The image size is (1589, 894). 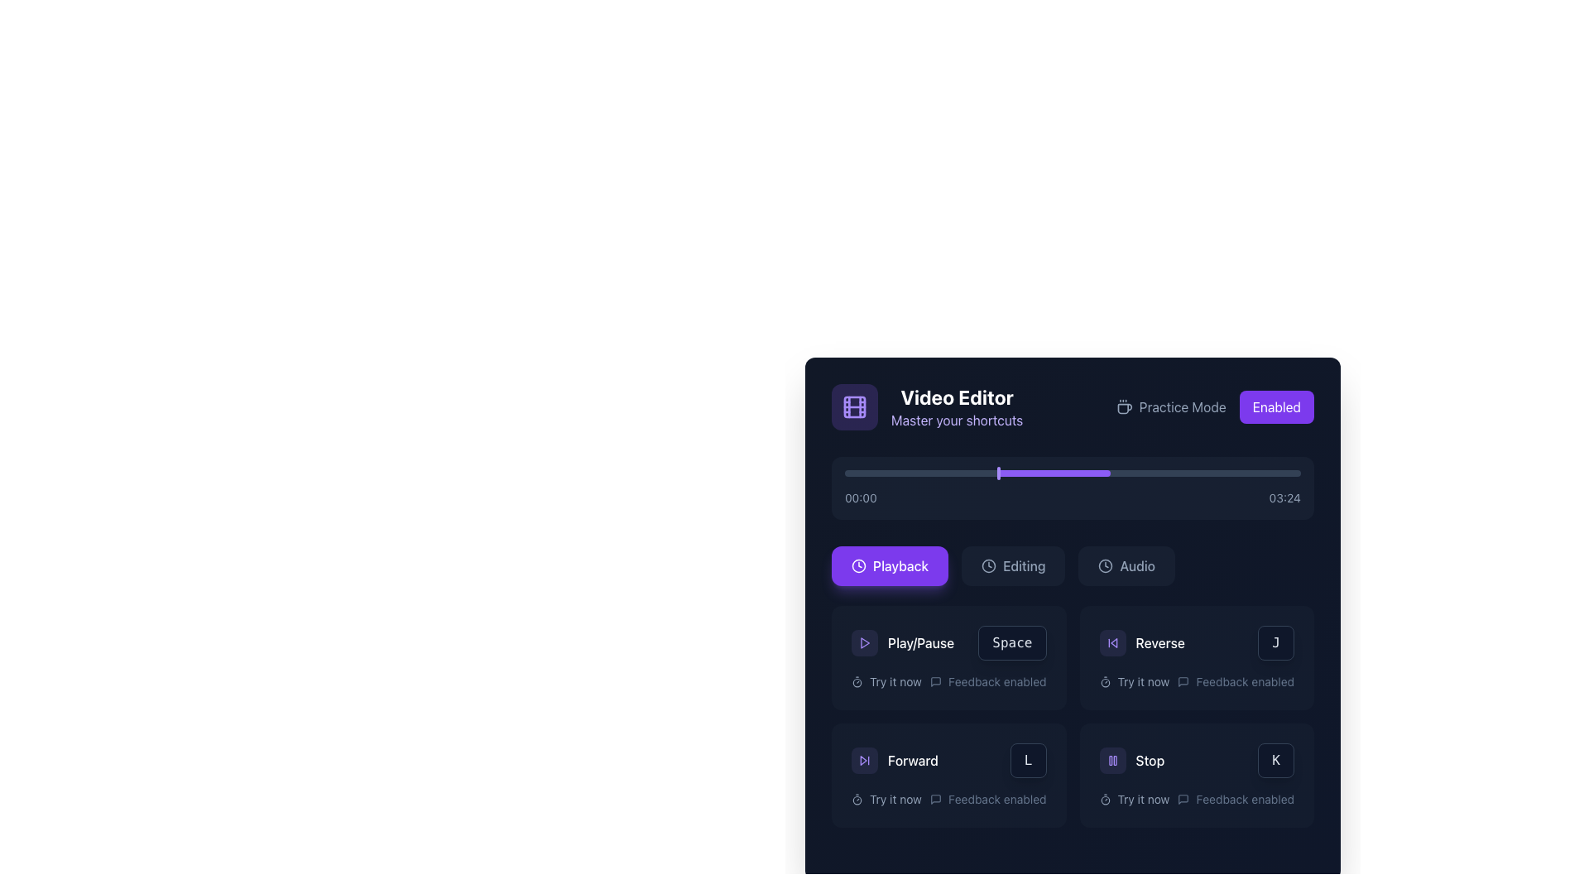 What do you see at coordinates (957, 407) in the screenshot?
I see `the Text block styled as a title and subtitle combination, which includes 'Video Editor' and 'Master your shortcuts', located in the top-left section of the interface panel` at bounding box center [957, 407].